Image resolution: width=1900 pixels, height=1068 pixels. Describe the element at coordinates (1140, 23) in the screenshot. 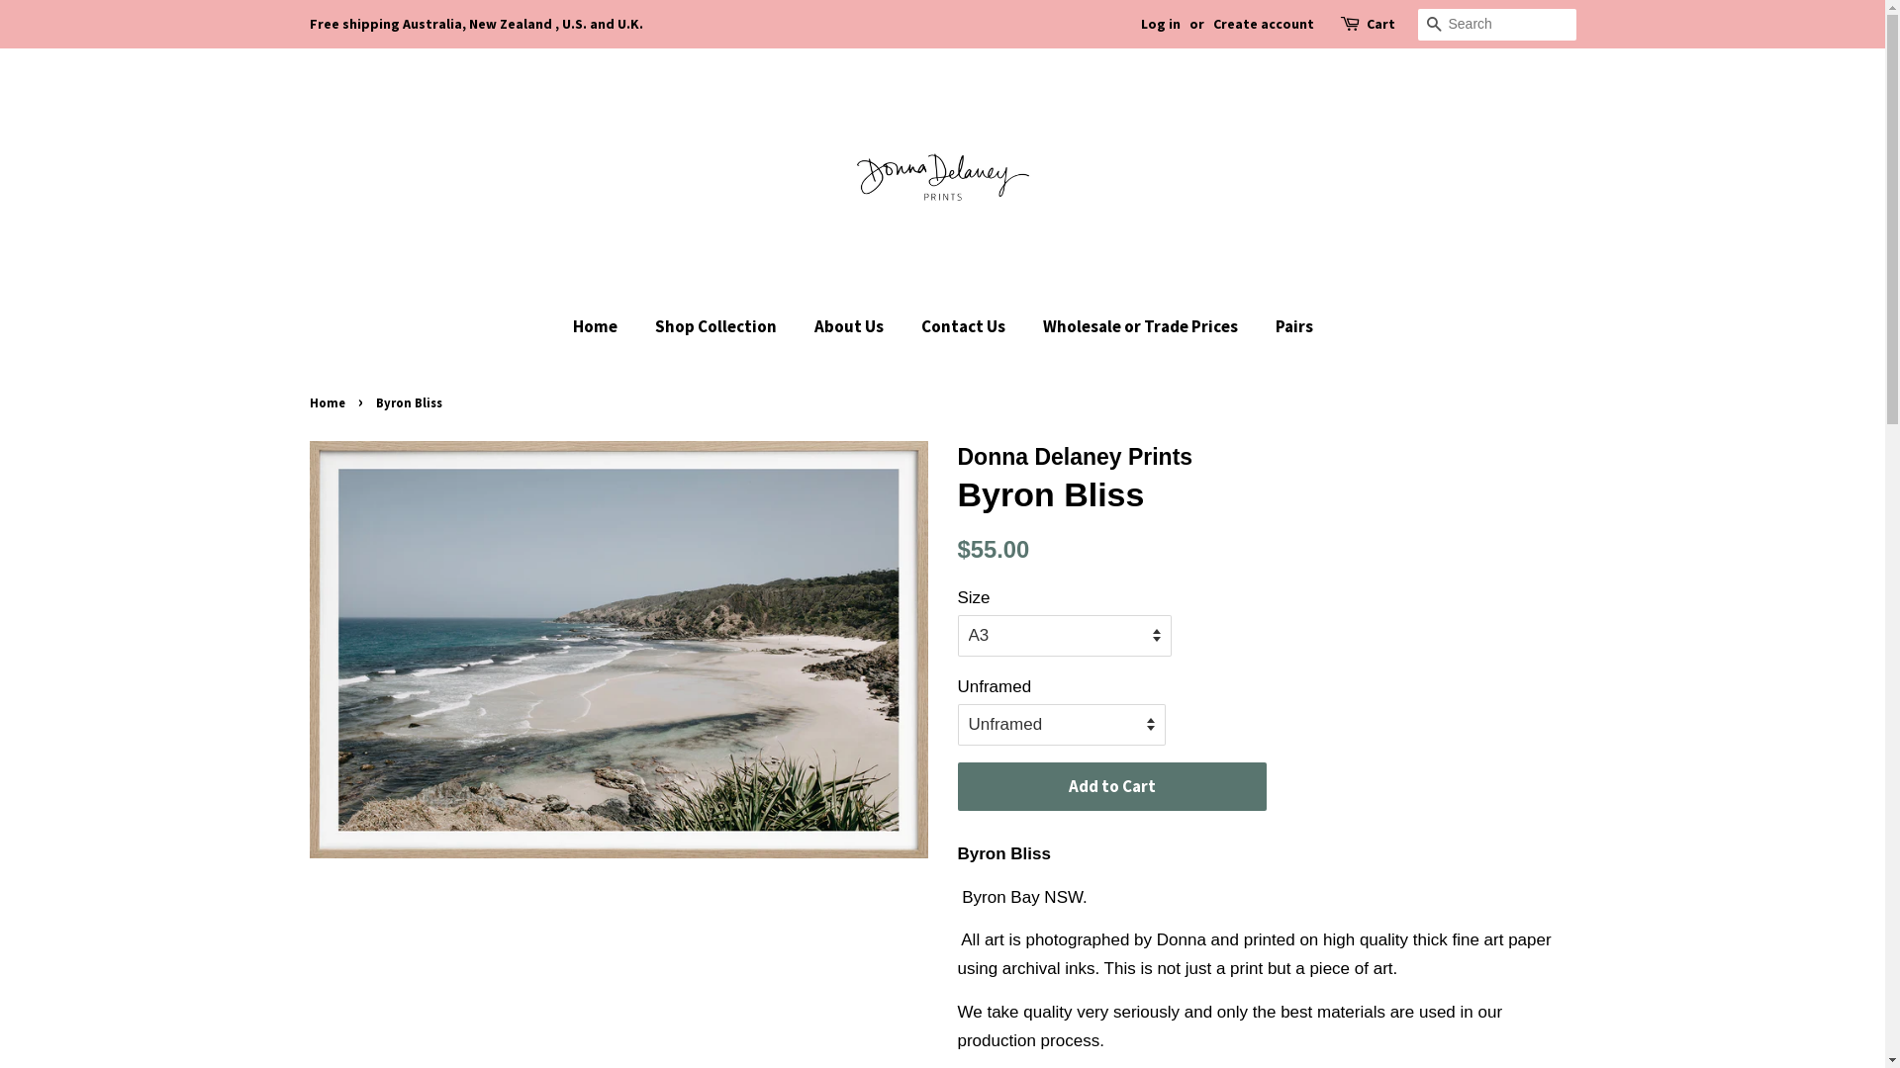

I see `'Log in'` at that location.